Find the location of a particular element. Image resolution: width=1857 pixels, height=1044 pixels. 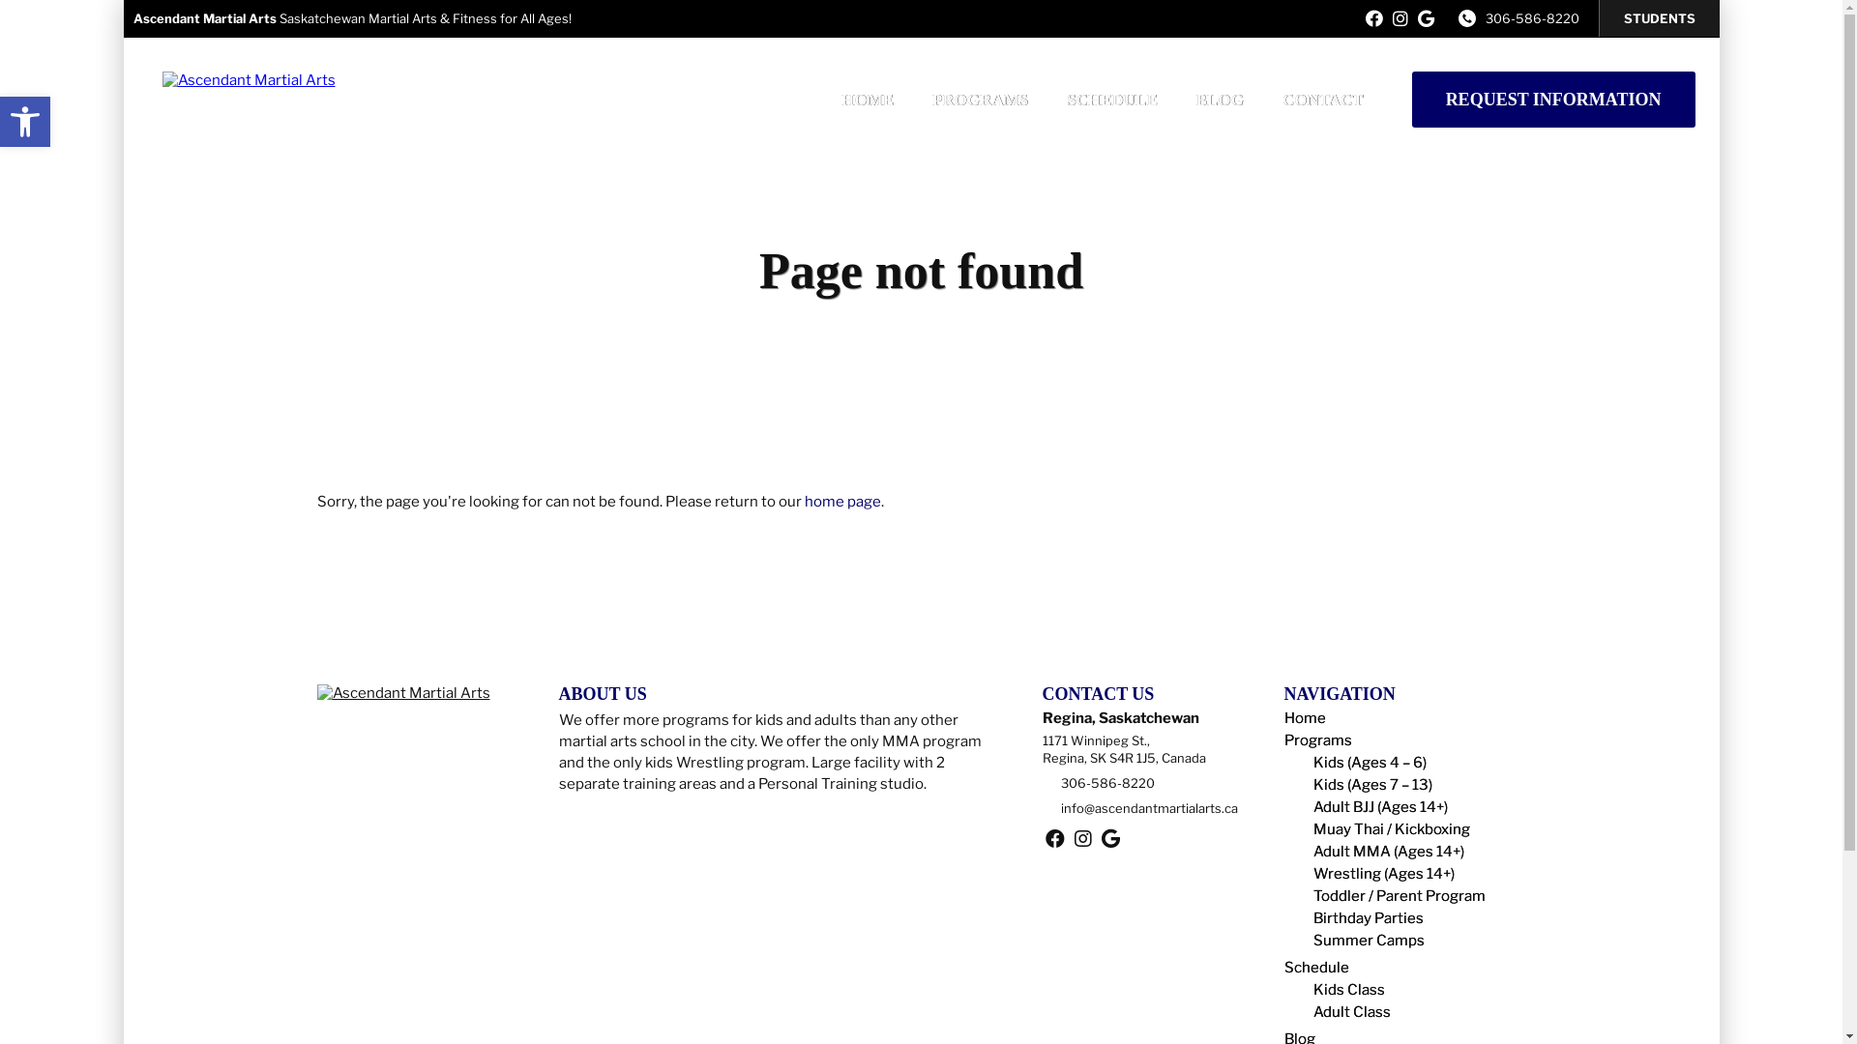

'HOME' is located at coordinates (867, 99).